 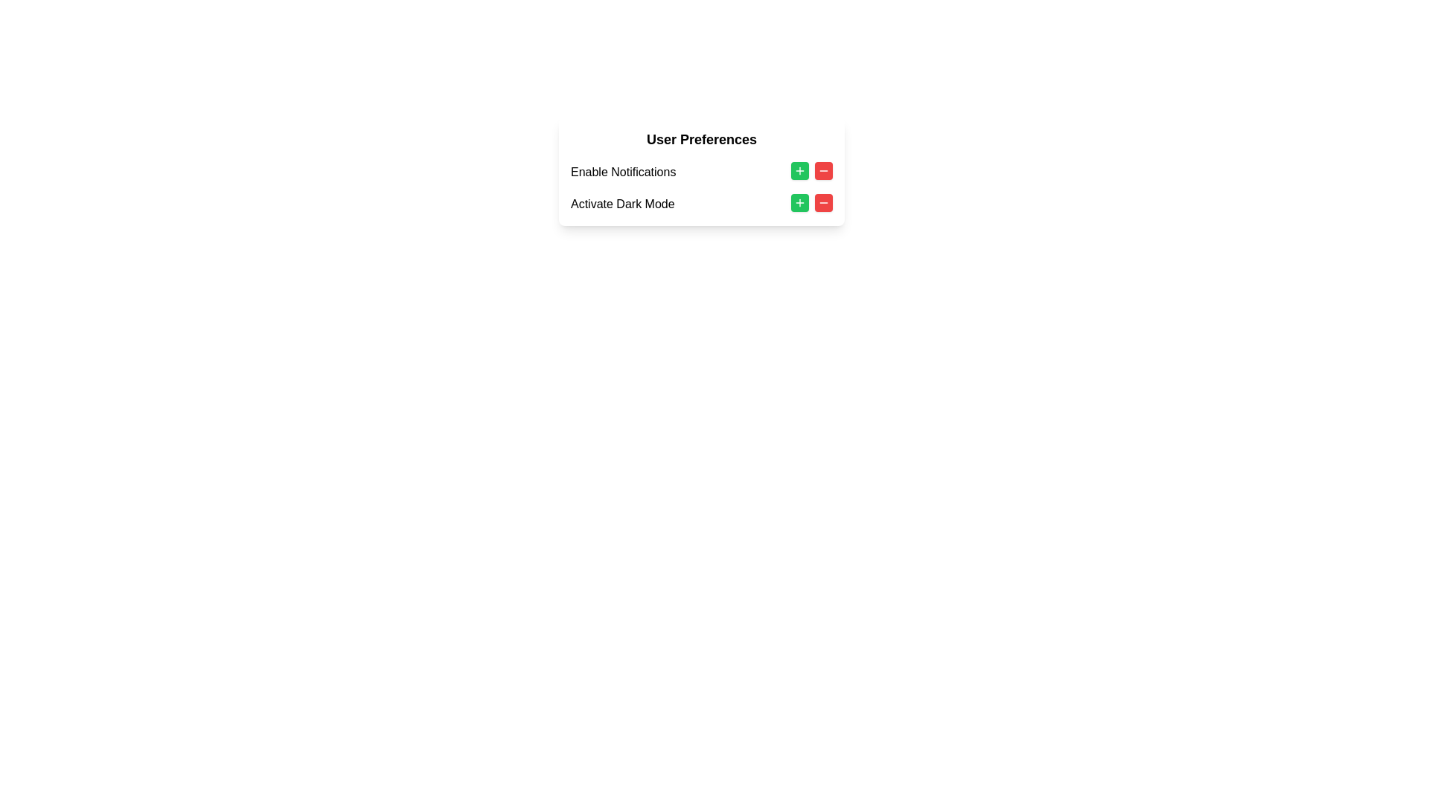 I want to click on the red square button with a minus sign icon to decrement a value or toggle off the corresponding setting for 'Enable Notifications', so click(x=823, y=170).